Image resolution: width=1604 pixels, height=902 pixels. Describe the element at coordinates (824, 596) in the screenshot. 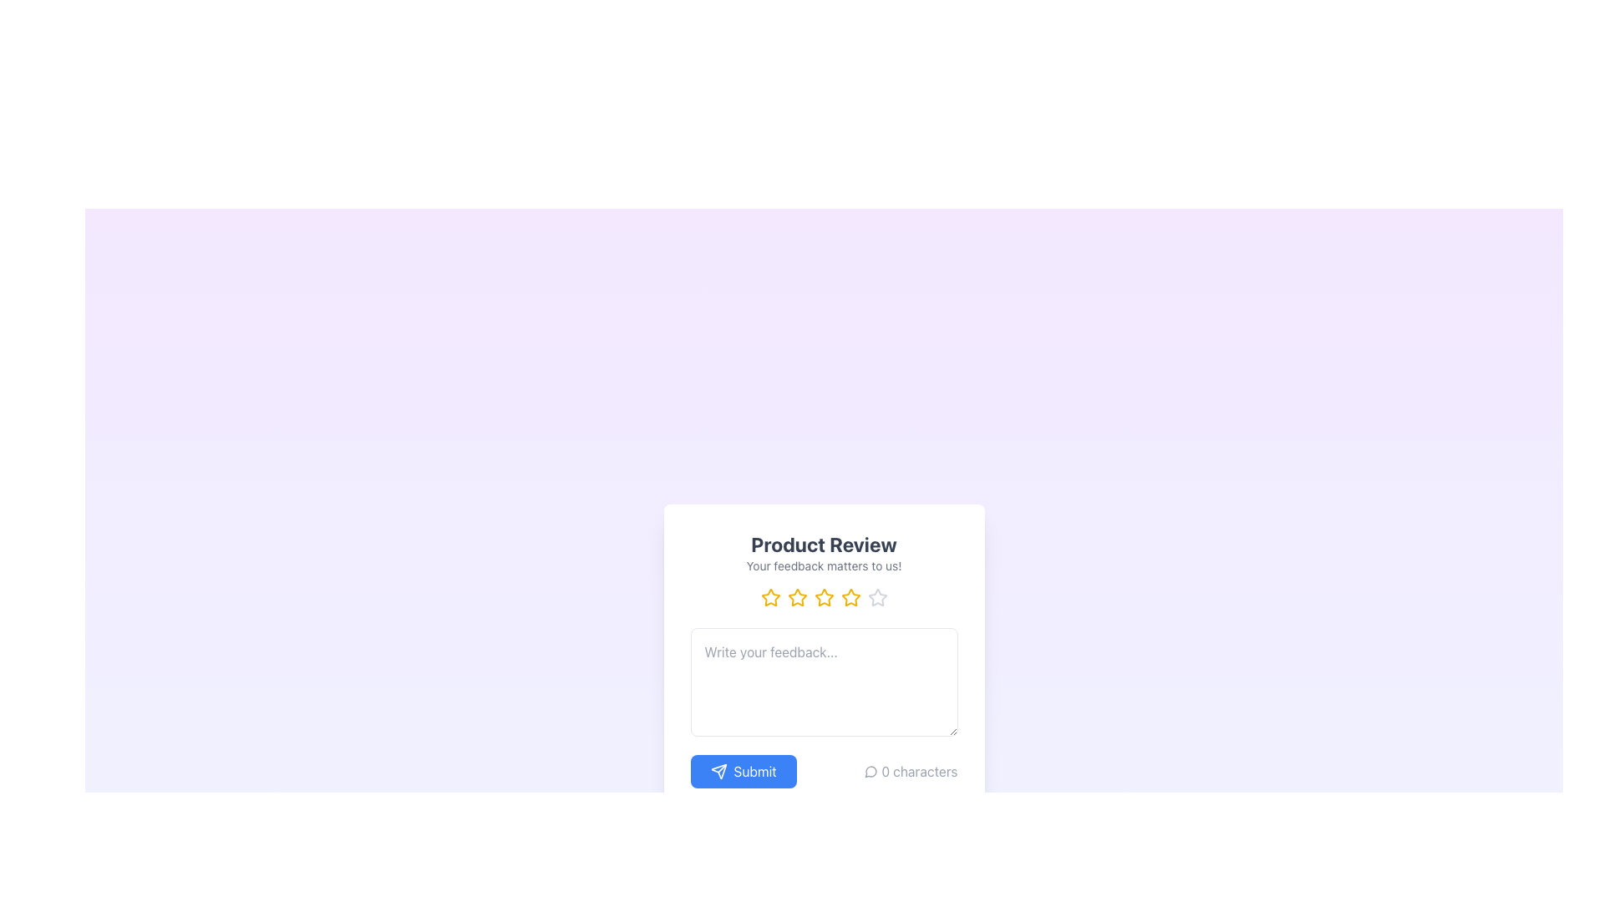

I see `the third star icon in the rating system` at that location.